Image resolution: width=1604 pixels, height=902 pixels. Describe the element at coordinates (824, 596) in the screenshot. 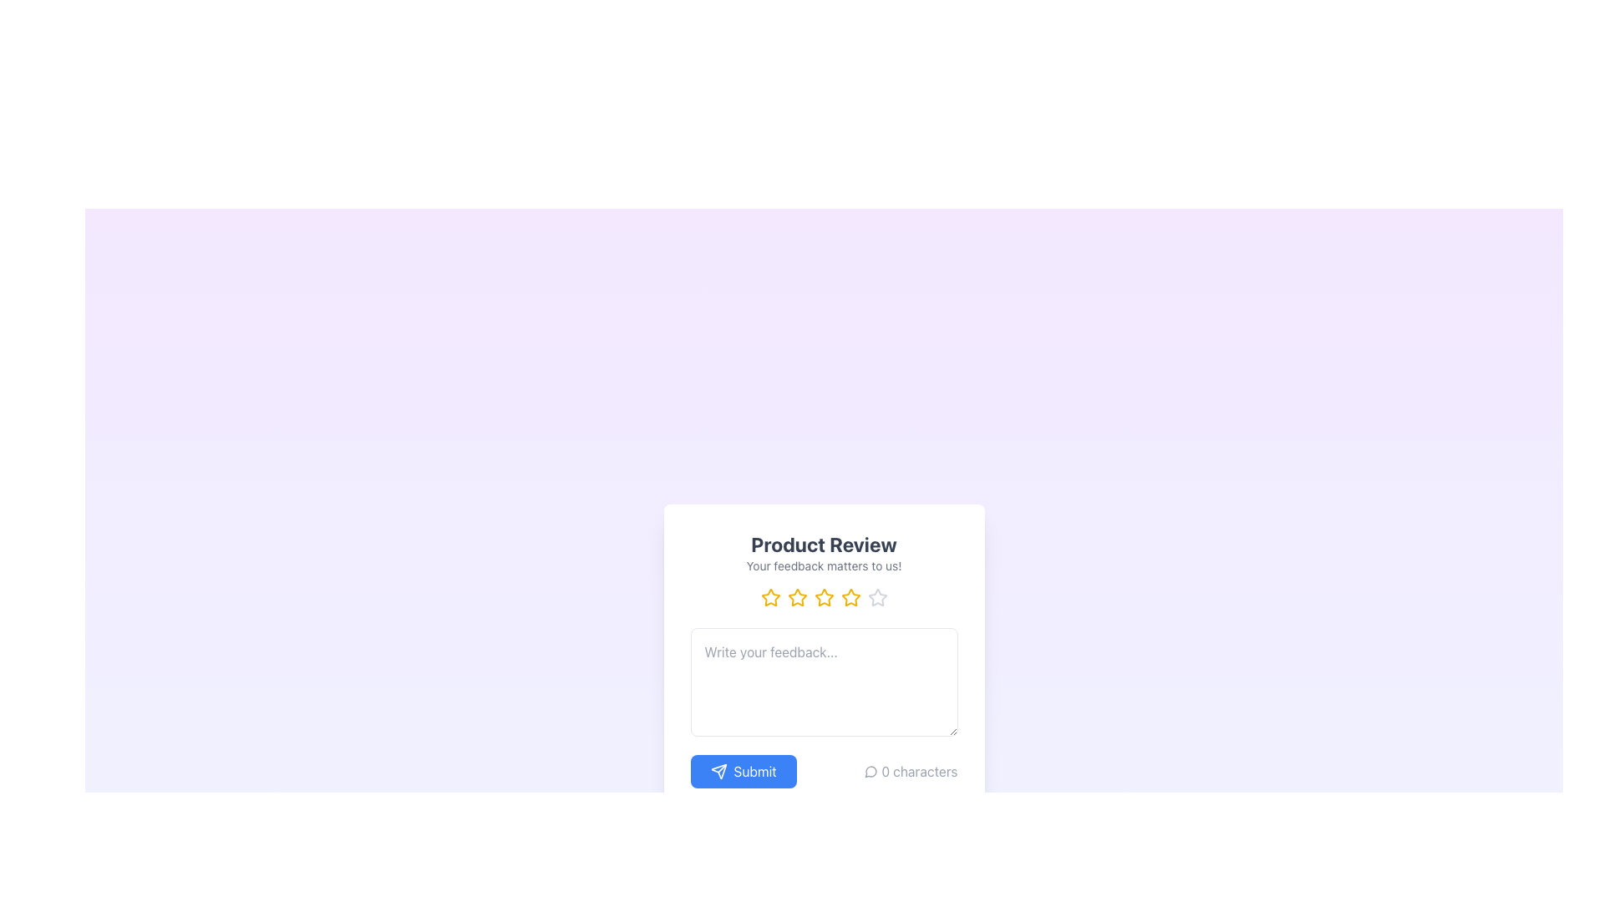

I see `the third star icon in the rating system` at that location.